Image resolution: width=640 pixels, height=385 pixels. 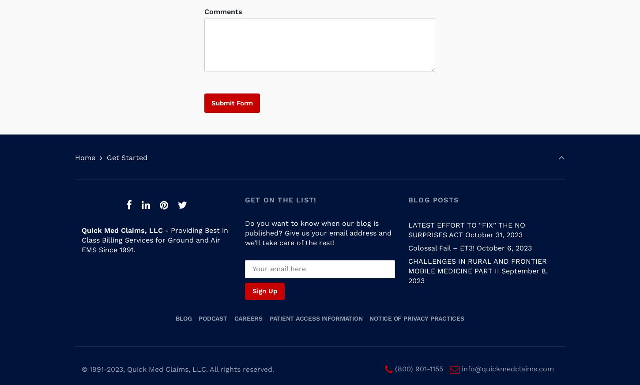 I want to click on 'September 8, 2023', so click(x=407, y=267).